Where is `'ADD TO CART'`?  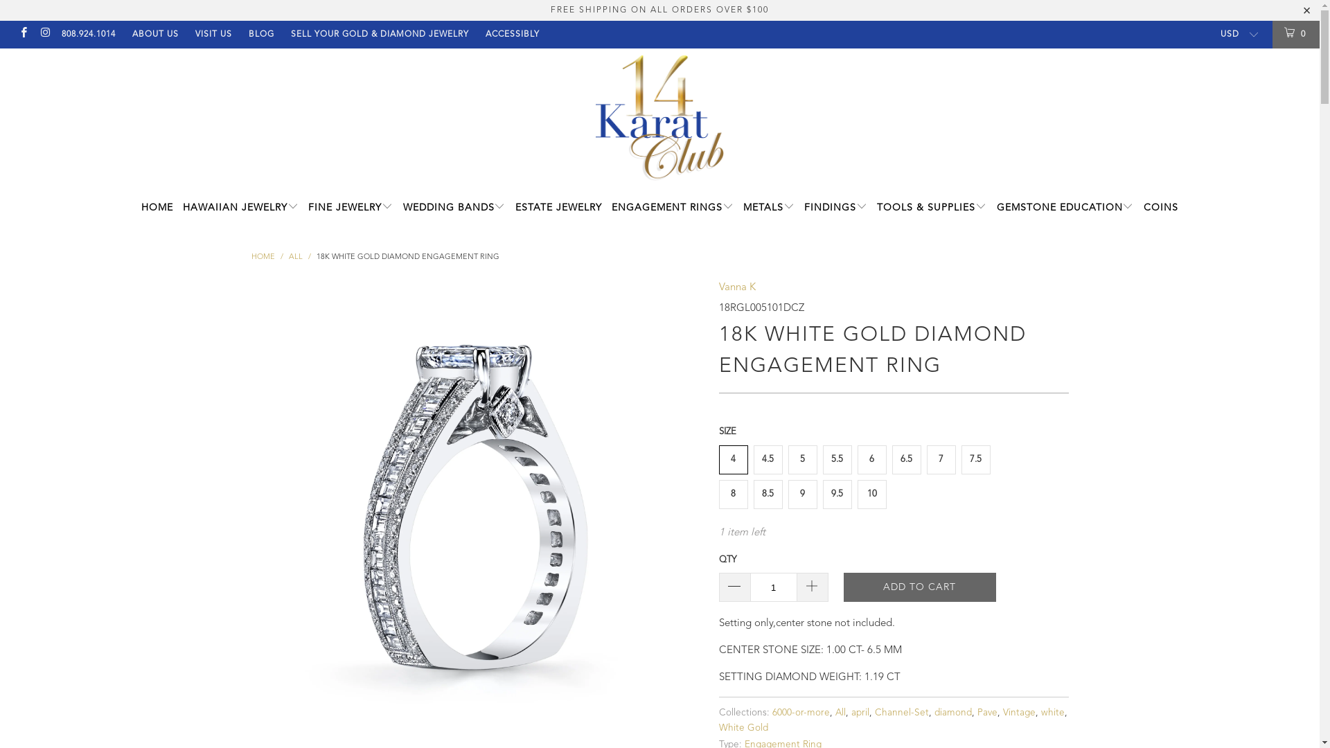 'ADD TO CART' is located at coordinates (920, 587).